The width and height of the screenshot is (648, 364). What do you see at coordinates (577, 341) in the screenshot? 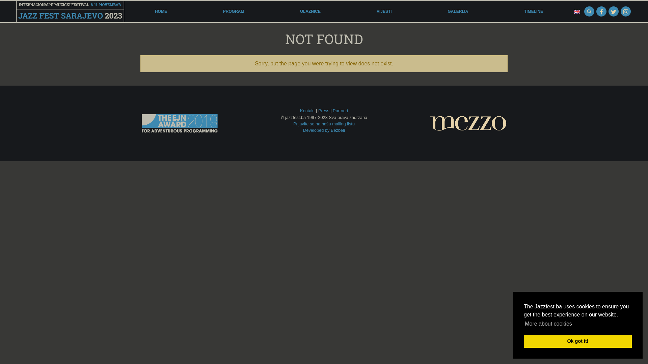
I see `'Ok got it!'` at bounding box center [577, 341].